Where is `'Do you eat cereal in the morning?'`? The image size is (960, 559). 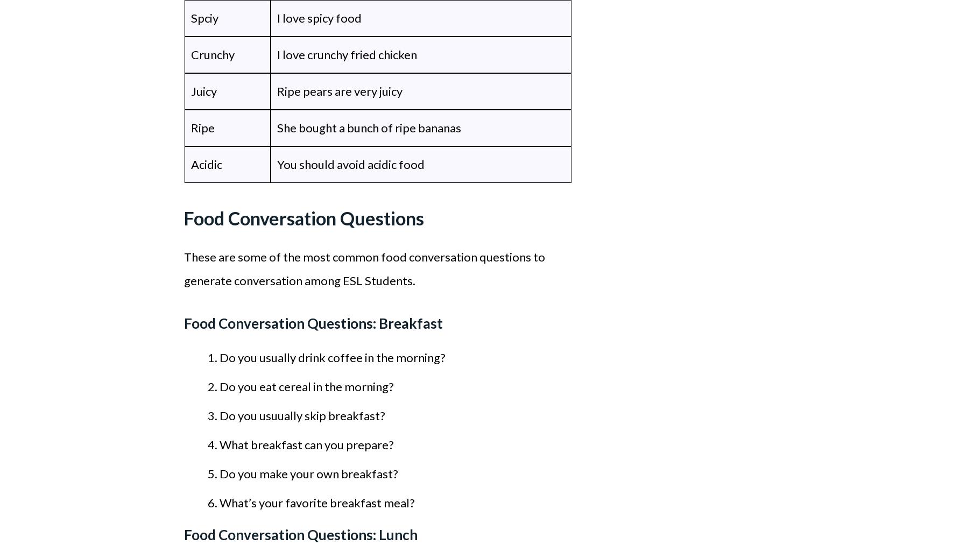
'Do you eat cereal in the morning?' is located at coordinates (306, 386).